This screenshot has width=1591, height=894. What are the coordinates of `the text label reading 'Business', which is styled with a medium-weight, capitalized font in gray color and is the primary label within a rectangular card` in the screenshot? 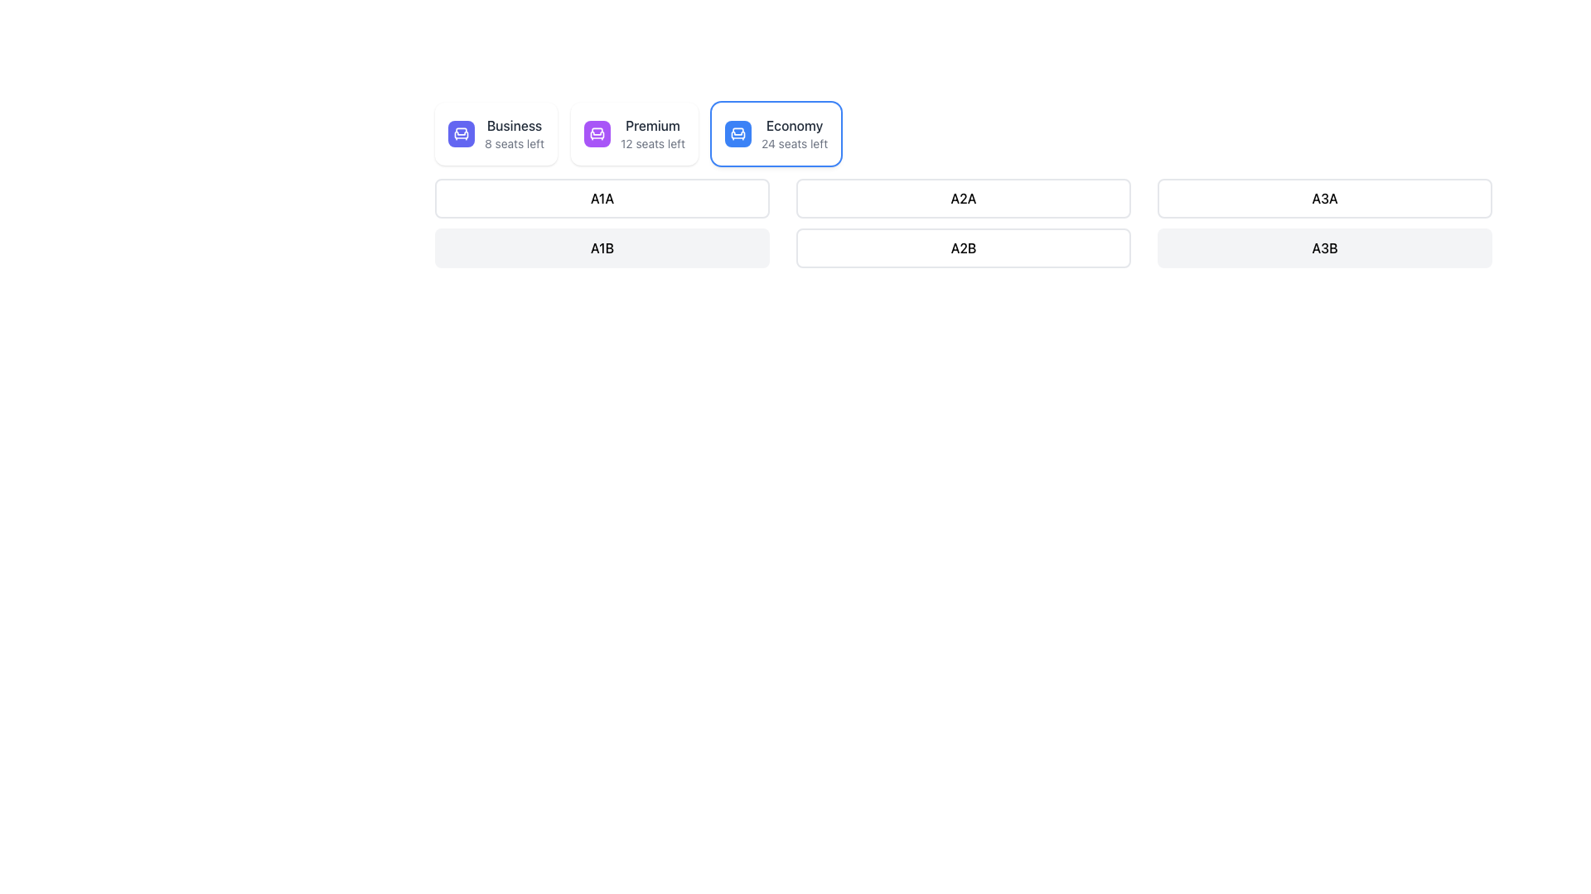 It's located at (513, 124).